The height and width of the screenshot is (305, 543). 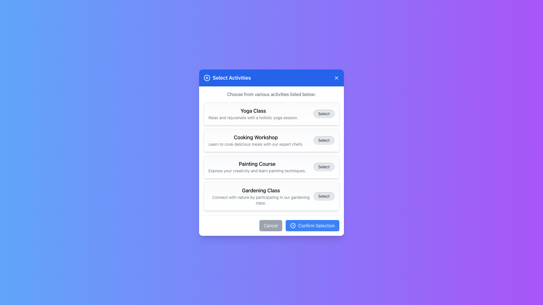 What do you see at coordinates (227, 78) in the screenshot?
I see `the 'Select Activities' title group with icon` at bounding box center [227, 78].